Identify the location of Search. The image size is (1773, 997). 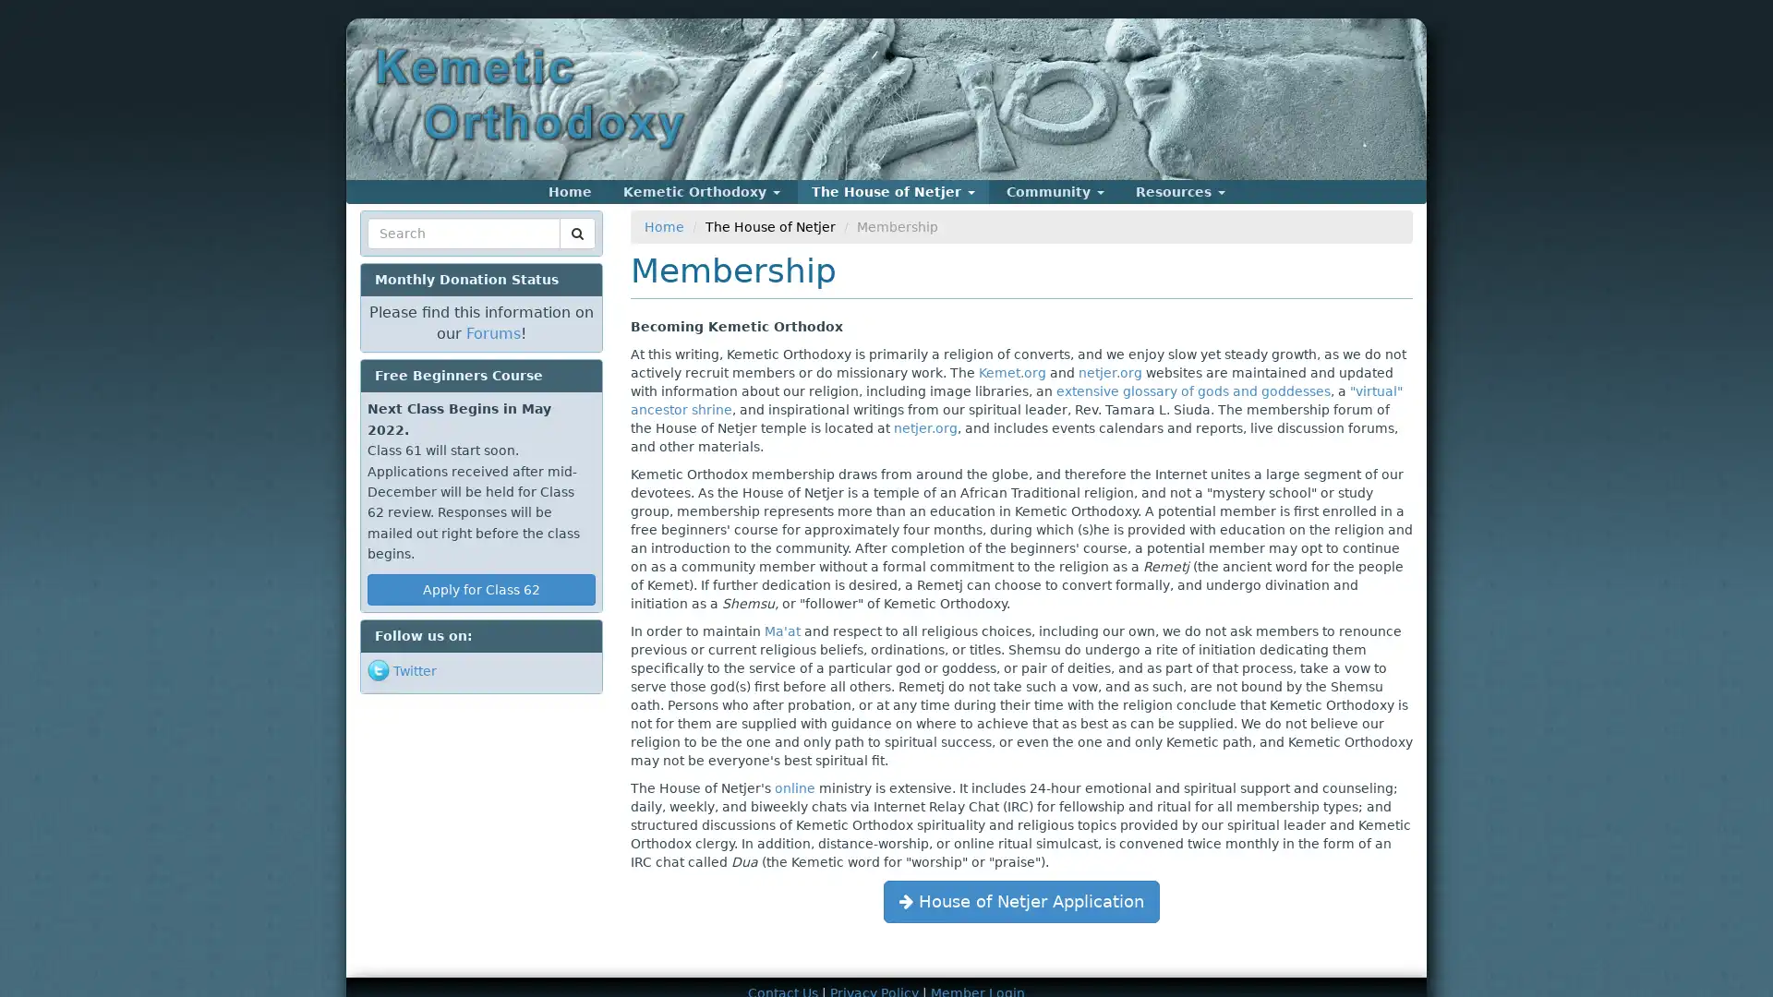
(402, 256).